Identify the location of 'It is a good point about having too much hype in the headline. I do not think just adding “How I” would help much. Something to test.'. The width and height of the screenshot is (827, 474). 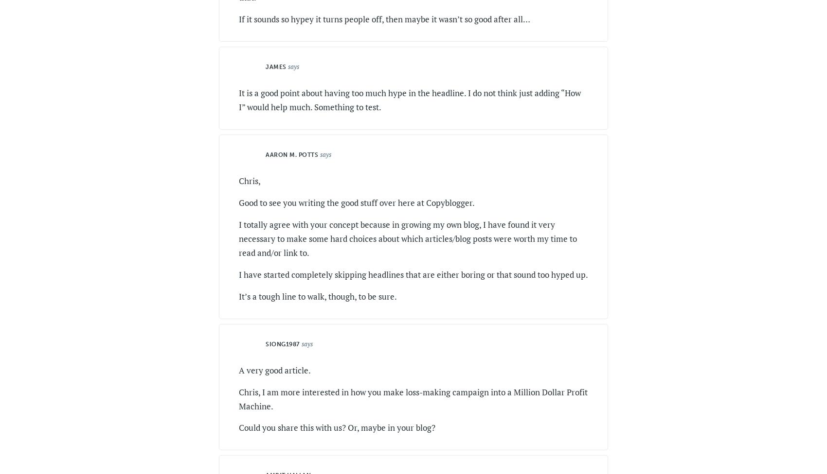
(409, 100).